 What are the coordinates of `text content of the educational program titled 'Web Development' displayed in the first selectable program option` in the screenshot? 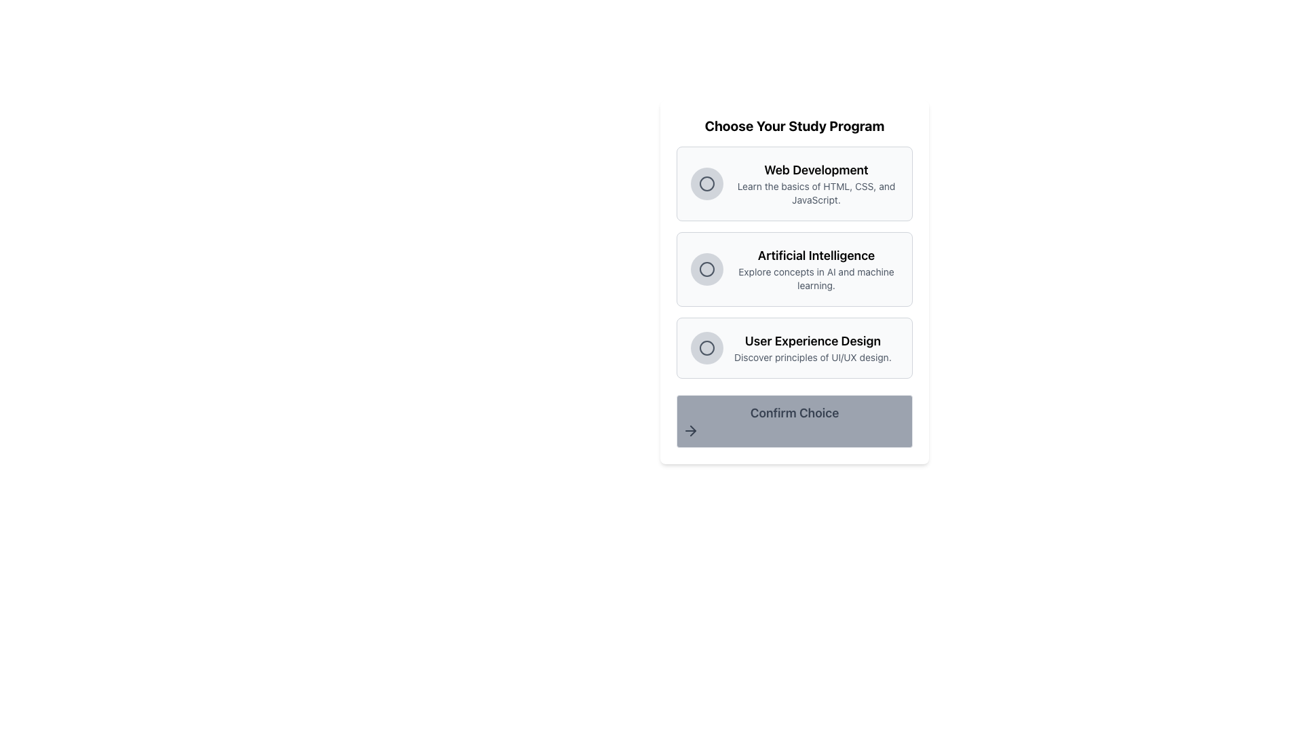 It's located at (816, 183).